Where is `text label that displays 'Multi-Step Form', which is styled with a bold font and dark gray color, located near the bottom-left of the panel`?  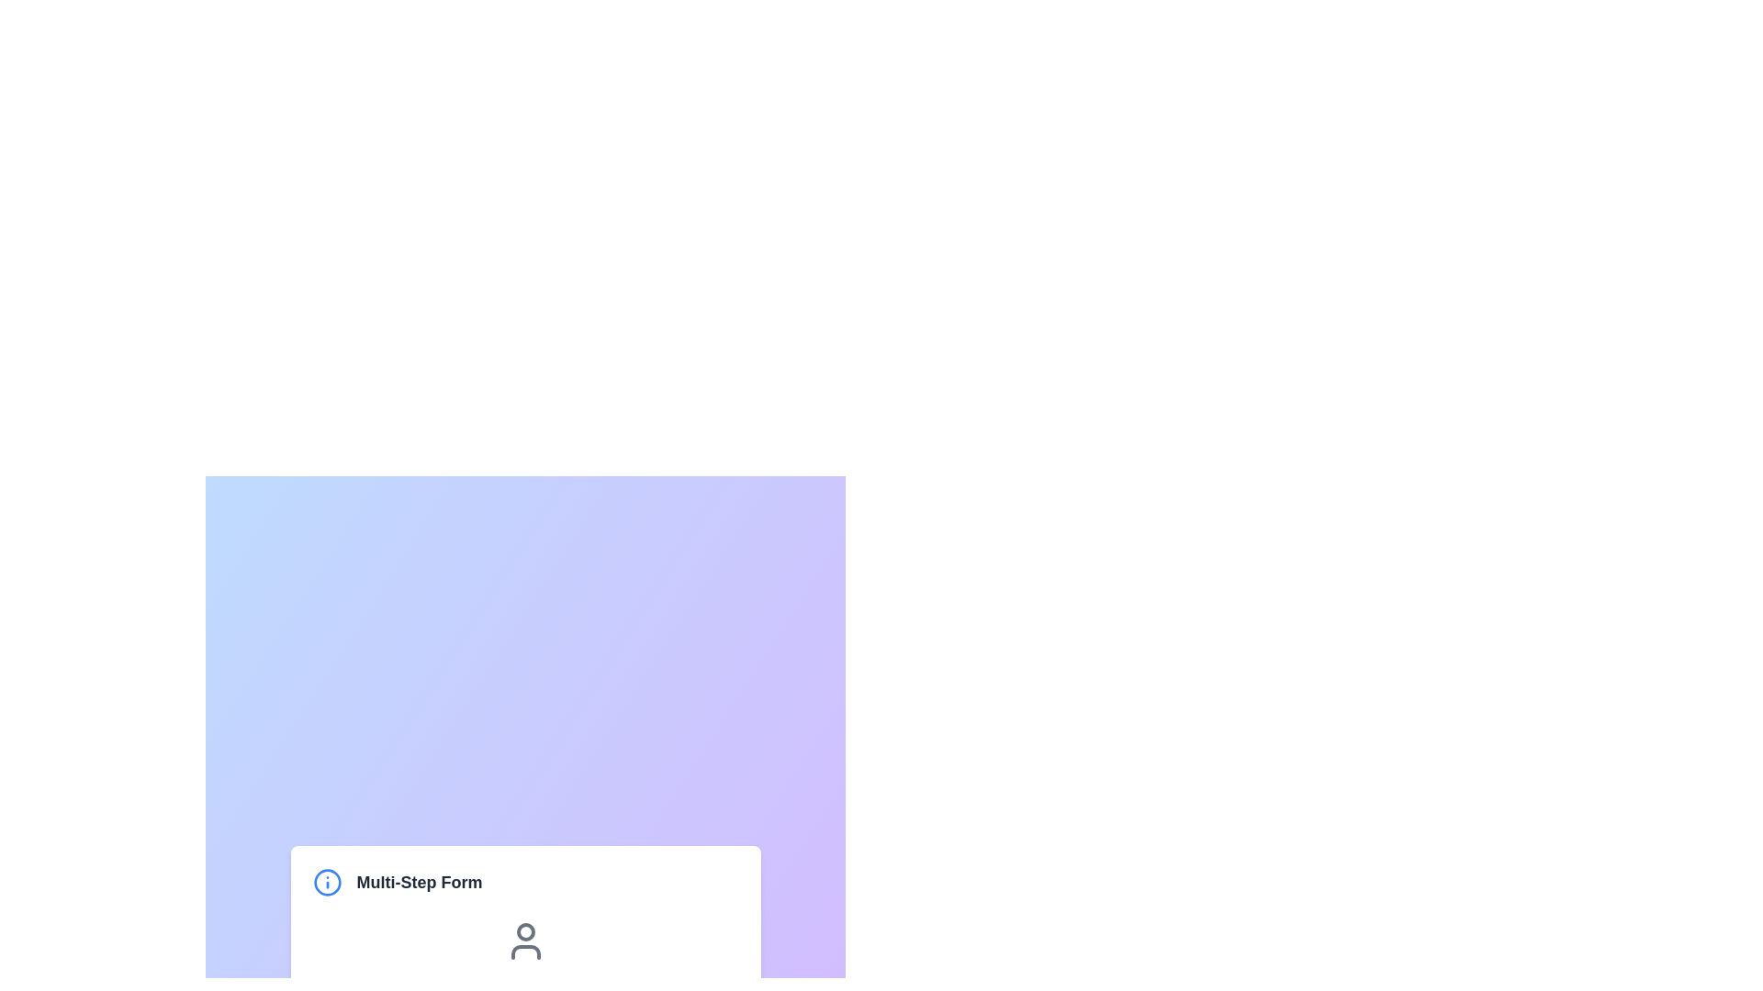 text label that displays 'Multi-Step Form', which is styled with a bold font and dark gray color, located near the bottom-left of the panel is located at coordinates (418, 881).